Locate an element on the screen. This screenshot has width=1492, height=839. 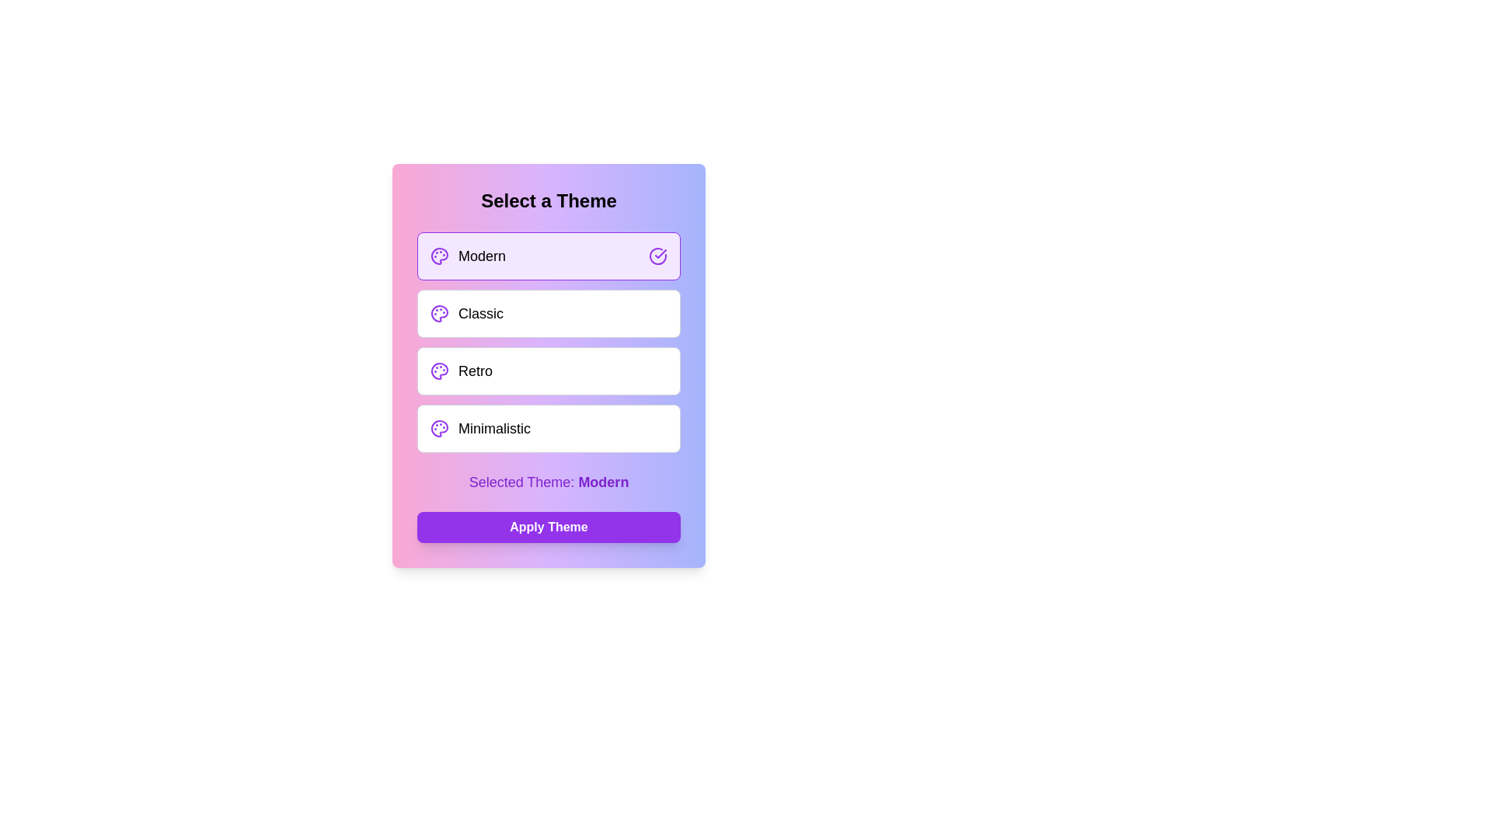
the 'Modern' selection button with a light purple background and bordered appearance is located at coordinates (549, 256).